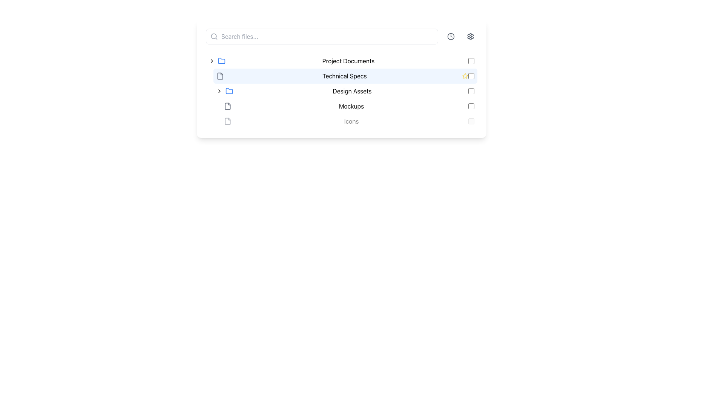  Describe the element at coordinates (349, 106) in the screenshot. I see `the 'Mockups' list item, which is the fourth item in the list, for rearrangement` at that location.